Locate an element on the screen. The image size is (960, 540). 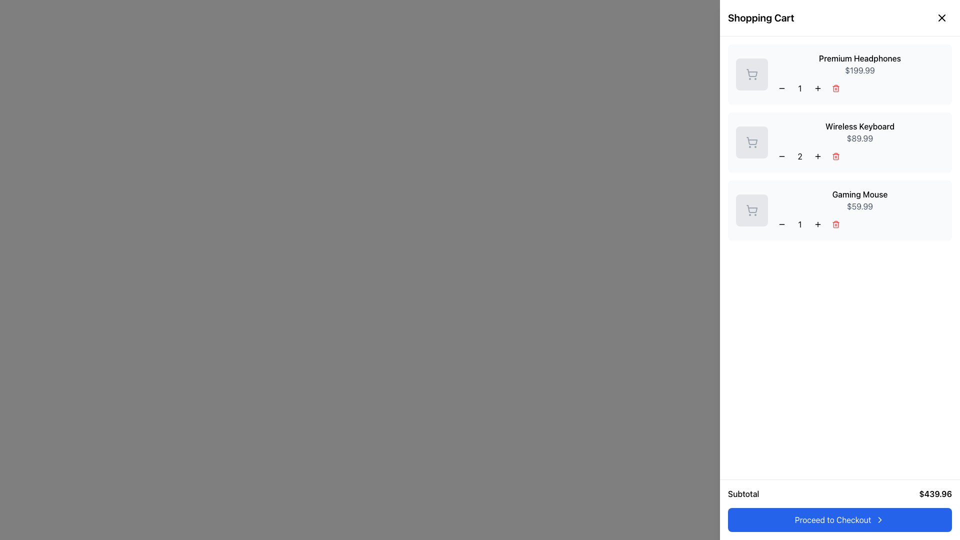
the deletion icon button located in the shopping cart interface is located at coordinates (835, 88).